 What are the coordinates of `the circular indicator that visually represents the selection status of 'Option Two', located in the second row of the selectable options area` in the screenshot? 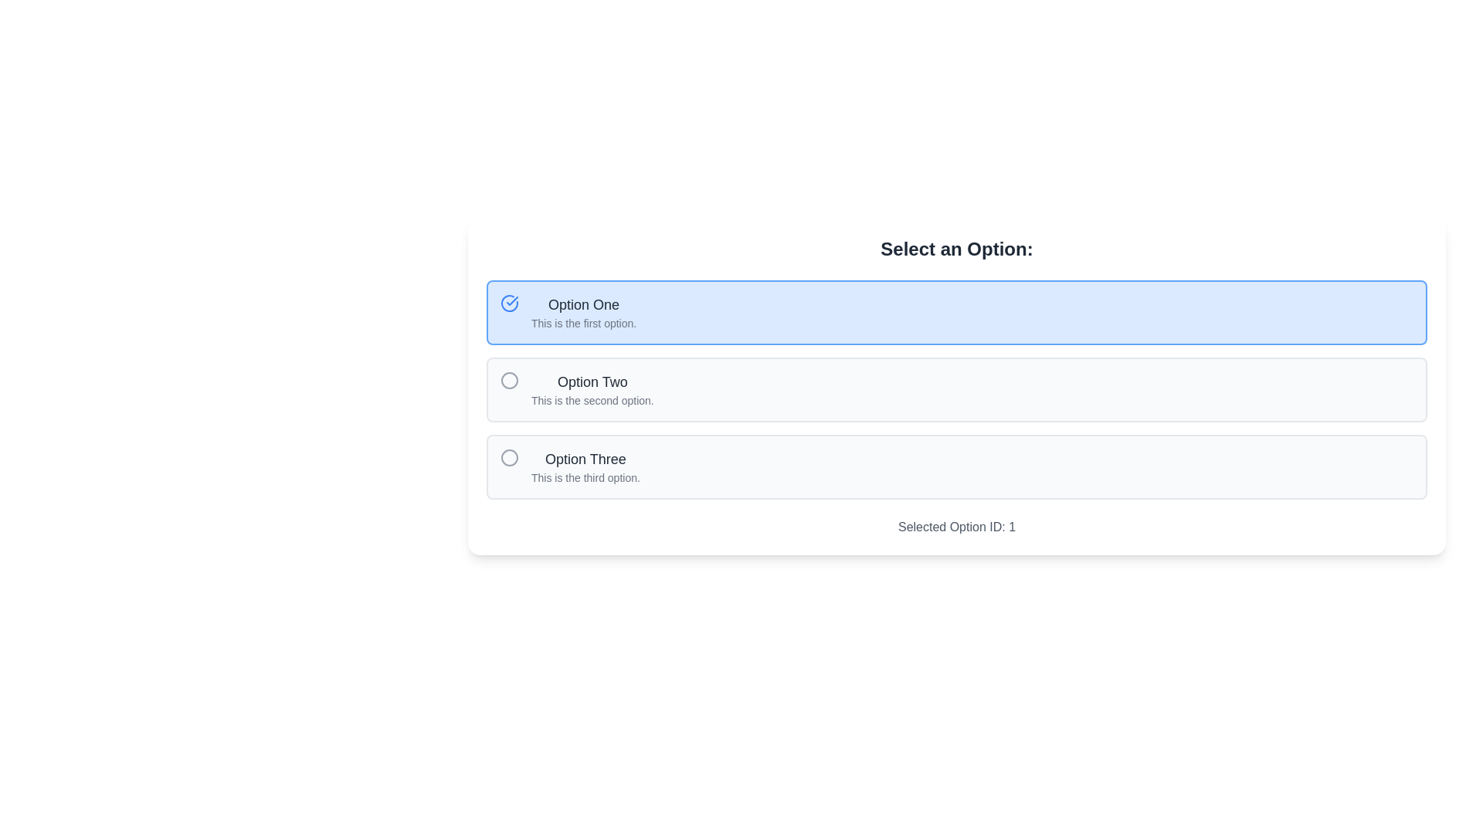 It's located at (510, 381).